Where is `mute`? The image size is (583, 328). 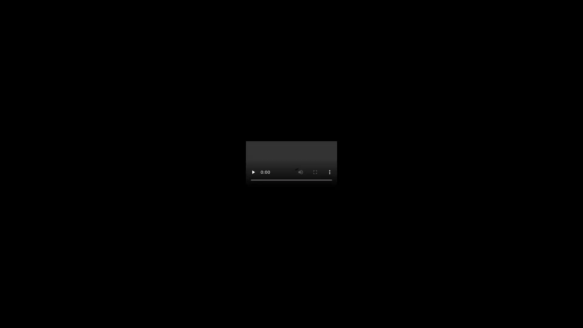
mute is located at coordinates (300, 172).